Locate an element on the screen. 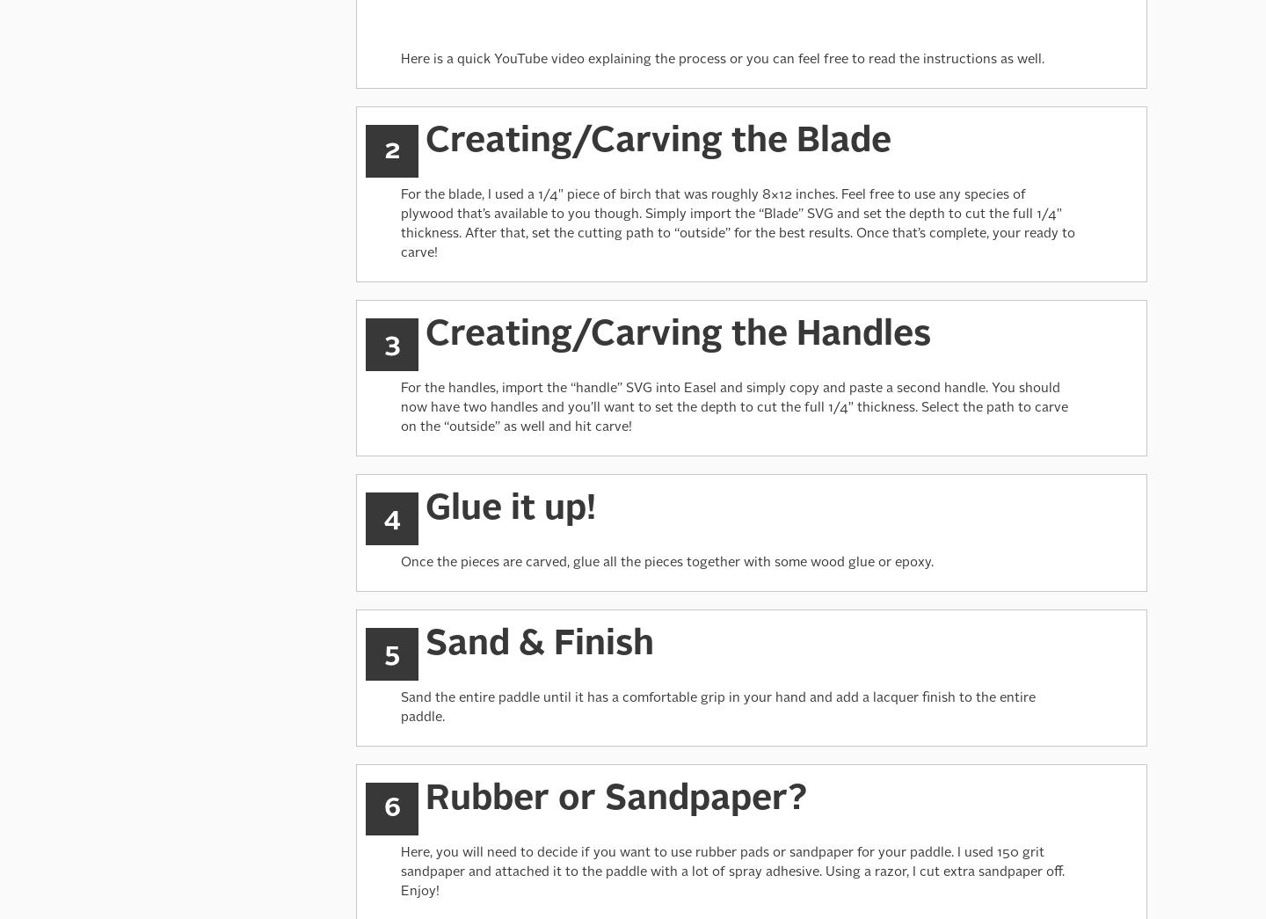  'Here, you will need to decide if you want to use rubber pads or sandpaper for your paddle. I used 150 grit sandpaper and attached it to the paddle with a lot of spray adhesive. Using a razor, I cut extra sandpaper off. Enjoy!' is located at coordinates (732, 872).